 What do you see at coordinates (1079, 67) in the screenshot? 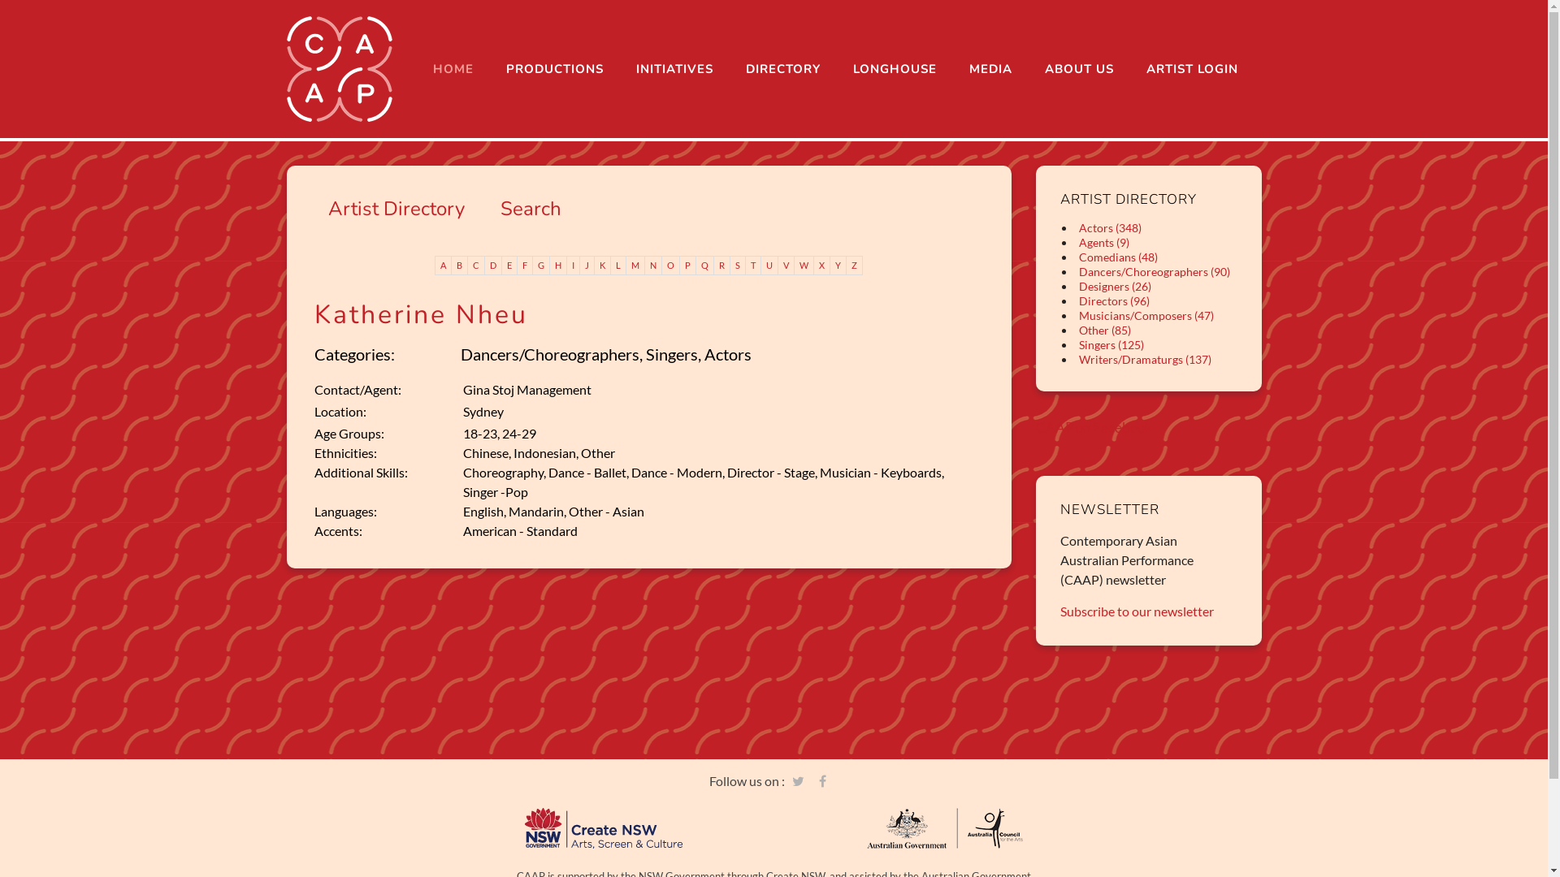
I see `'ABOUT US'` at bounding box center [1079, 67].